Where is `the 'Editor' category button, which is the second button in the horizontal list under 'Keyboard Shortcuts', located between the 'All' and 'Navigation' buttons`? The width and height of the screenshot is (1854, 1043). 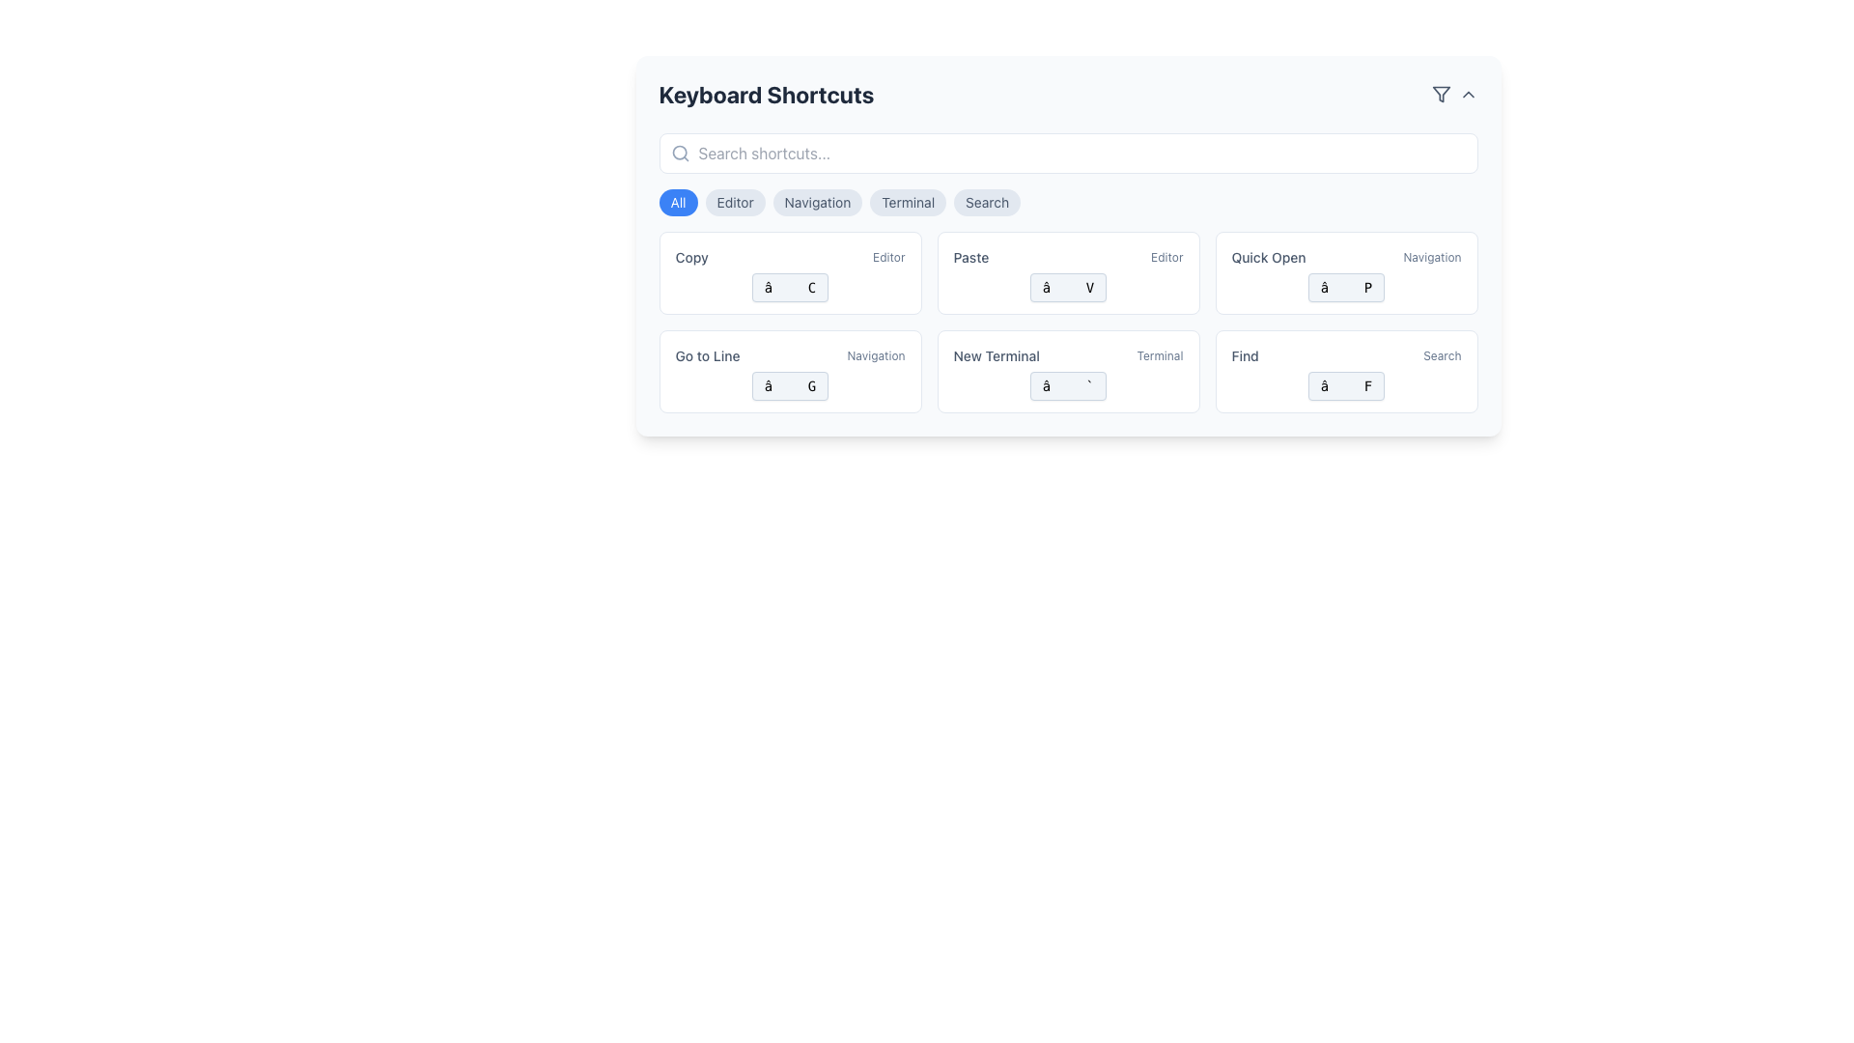 the 'Editor' category button, which is the second button in the horizontal list under 'Keyboard Shortcuts', located between the 'All' and 'Navigation' buttons is located at coordinates (734, 202).